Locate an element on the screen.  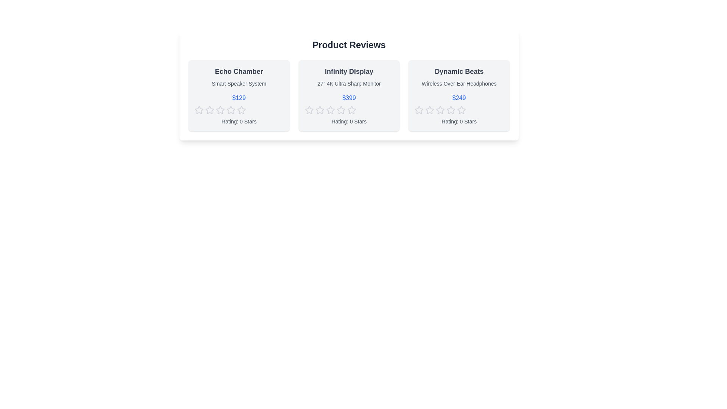
the fourth star icon in the star rating component to rate the 'Dynamic Beats' product is located at coordinates (440, 110).